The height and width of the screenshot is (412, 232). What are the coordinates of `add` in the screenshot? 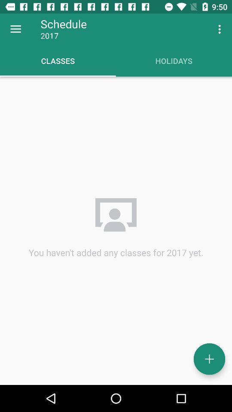 It's located at (209, 359).